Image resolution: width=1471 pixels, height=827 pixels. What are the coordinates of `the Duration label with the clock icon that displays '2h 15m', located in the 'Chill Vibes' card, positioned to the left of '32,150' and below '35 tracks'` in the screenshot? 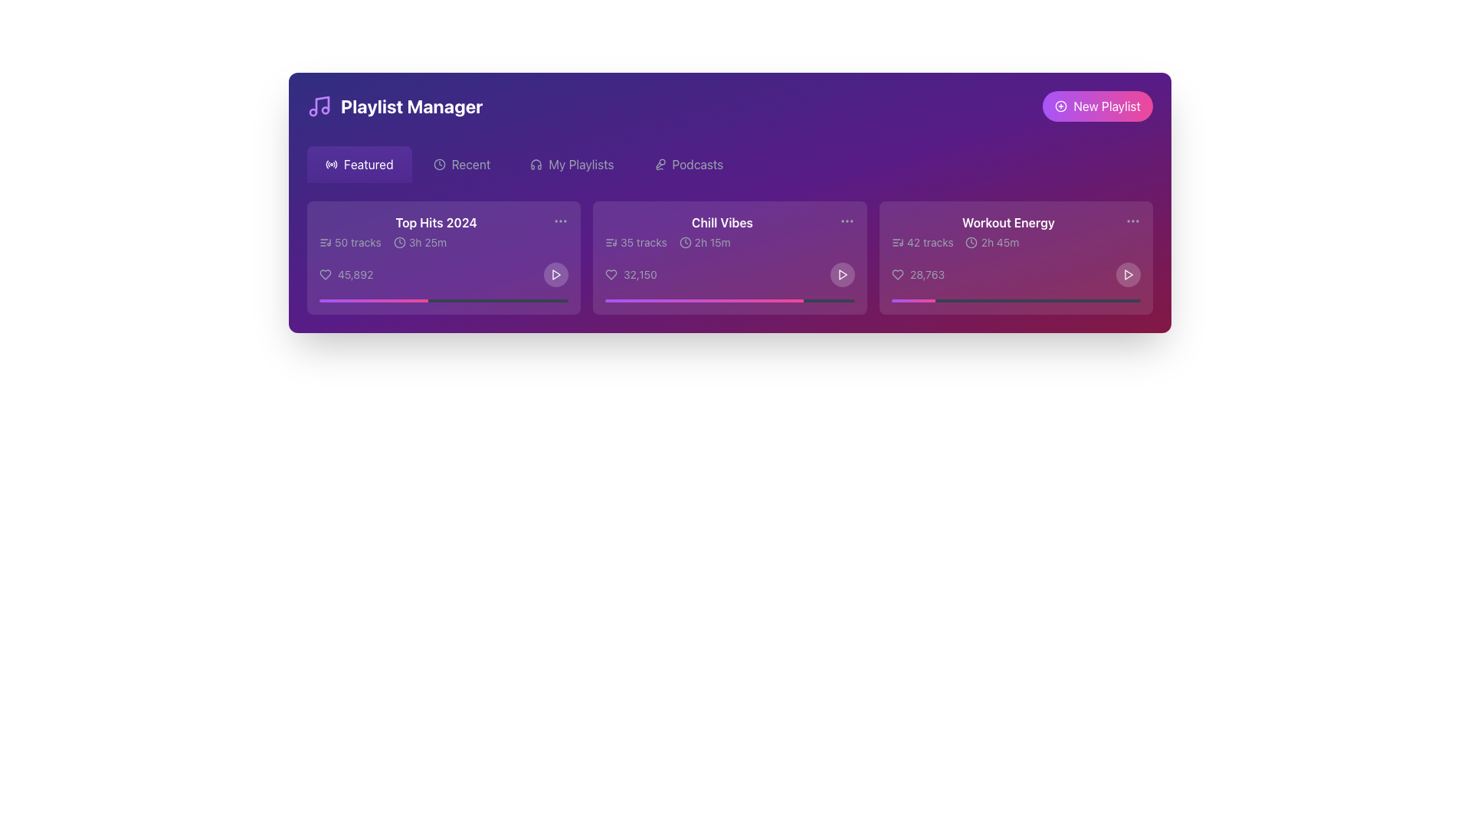 It's located at (704, 241).